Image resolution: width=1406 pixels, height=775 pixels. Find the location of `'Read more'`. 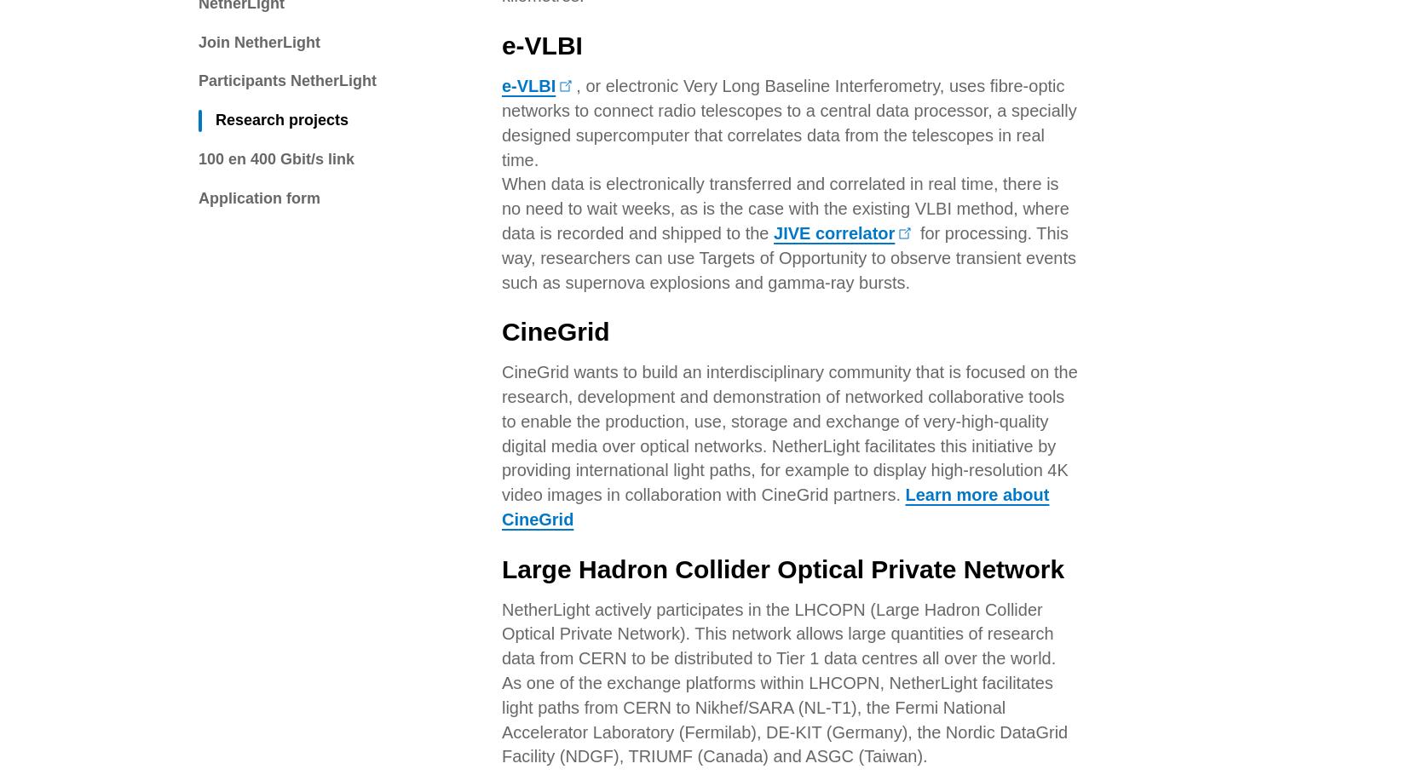

'Read more' is located at coordinates (457, 394).